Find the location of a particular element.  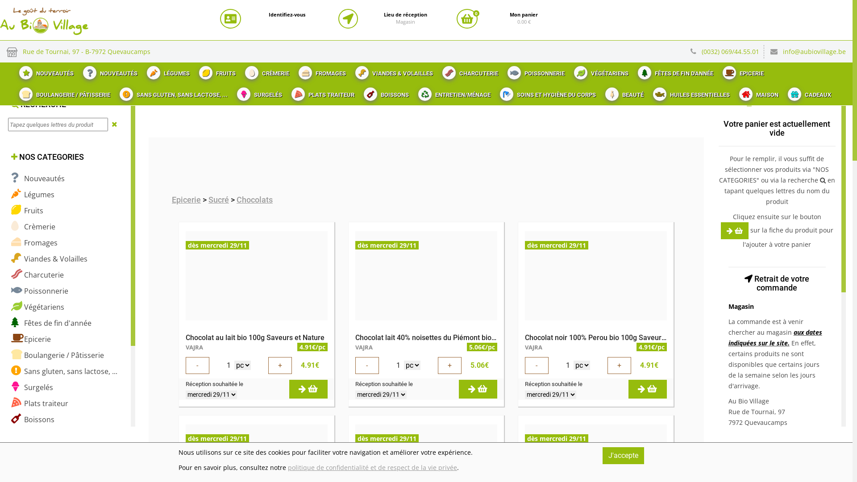

'CADEAUX' is located at coordinates (808, 92).